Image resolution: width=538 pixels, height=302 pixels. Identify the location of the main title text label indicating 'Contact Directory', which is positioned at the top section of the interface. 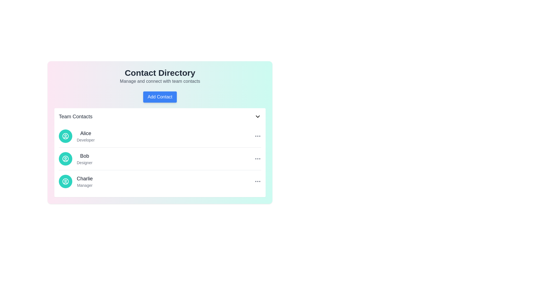
(160, 73).